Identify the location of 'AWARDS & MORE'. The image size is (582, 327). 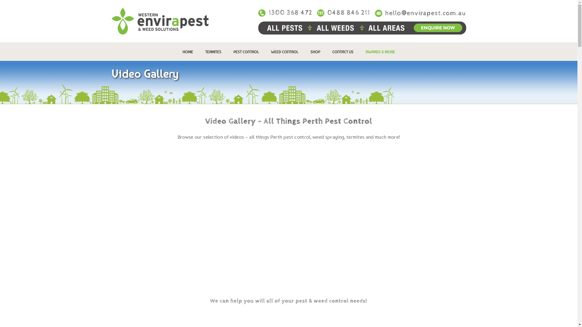
(380, 51).